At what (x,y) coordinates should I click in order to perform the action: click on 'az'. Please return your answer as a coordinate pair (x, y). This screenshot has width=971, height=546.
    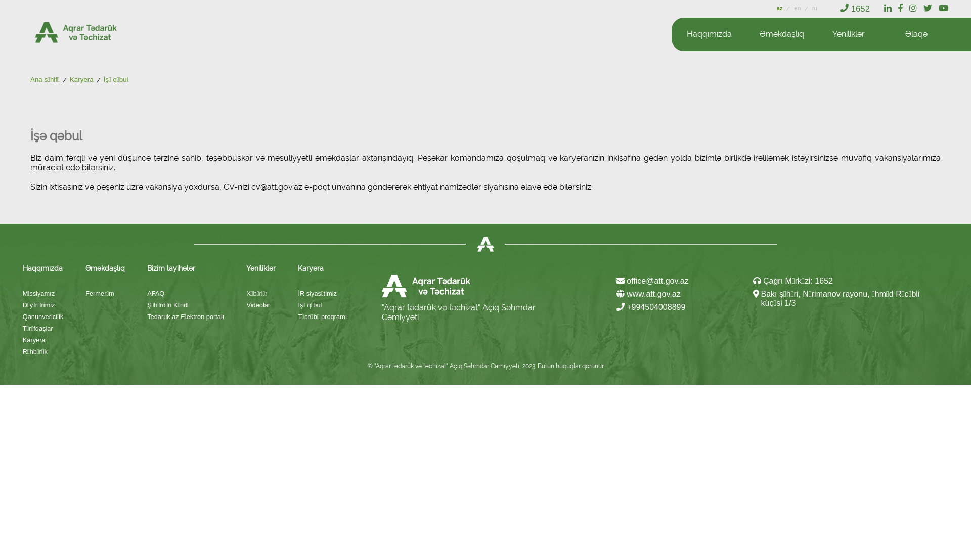
    Looking at the image, I should click on (780, 8).